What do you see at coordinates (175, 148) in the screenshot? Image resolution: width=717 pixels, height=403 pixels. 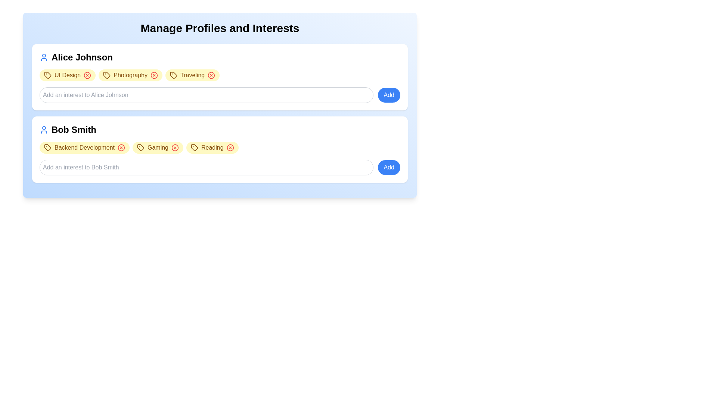 I see `the center of the delete Icon button for the 'Gaming' tag associated with the 'Bob Smith' profile` at bounding box center [175, 148].